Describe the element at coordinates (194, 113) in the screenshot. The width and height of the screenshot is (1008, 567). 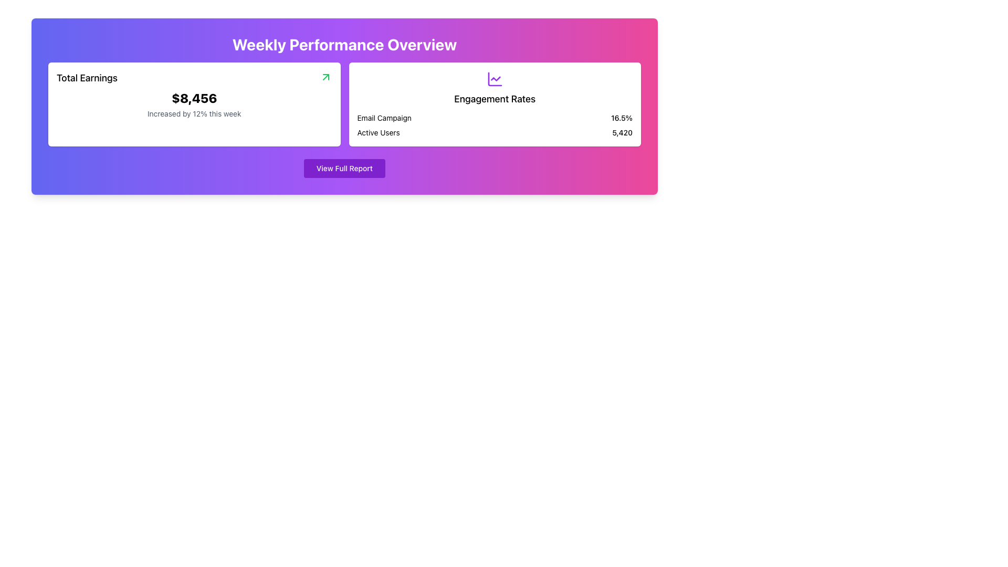
I see `the descriptive text that reads 'Increased by 12% this week', which is styled in gray and located below the numeric value '$8,456' within the 'Total Earnings' card` at that location.